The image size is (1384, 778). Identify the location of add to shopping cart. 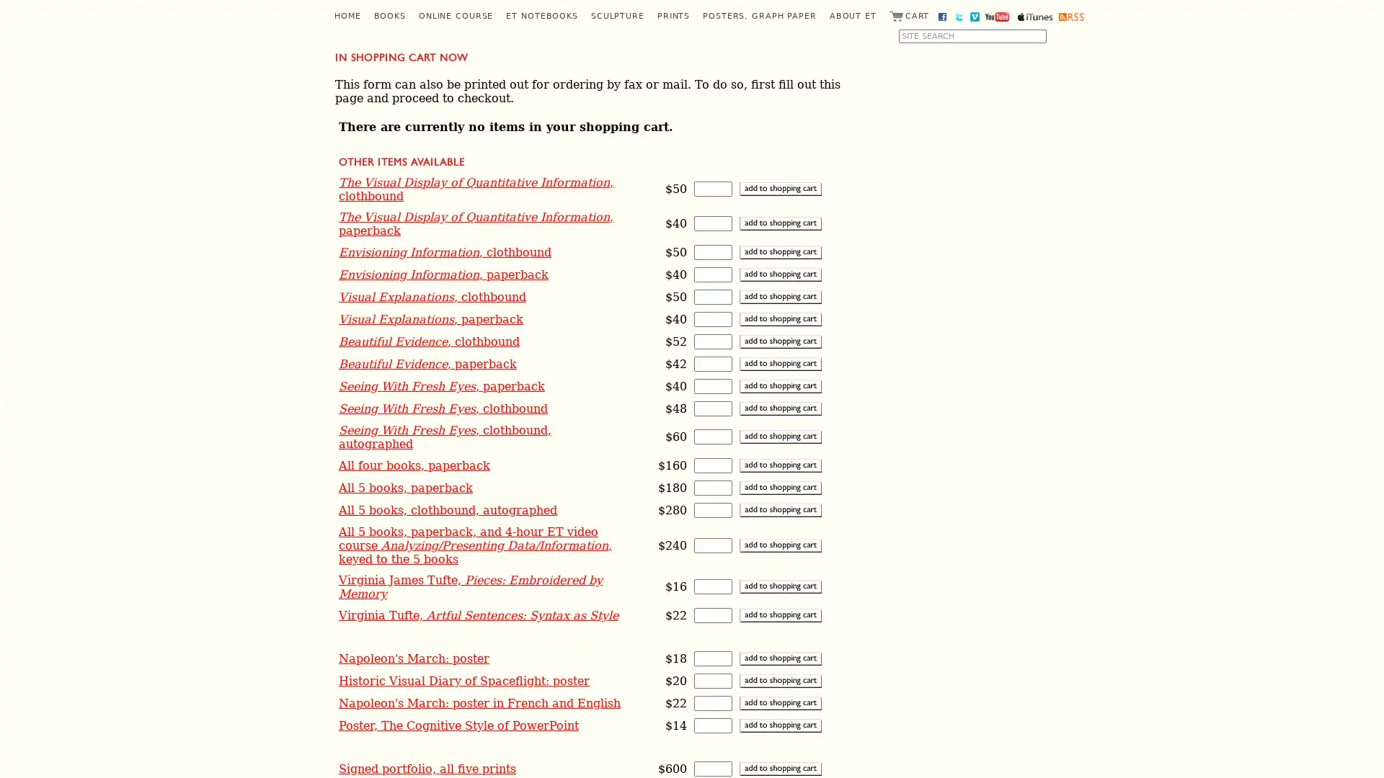
(780, 725).